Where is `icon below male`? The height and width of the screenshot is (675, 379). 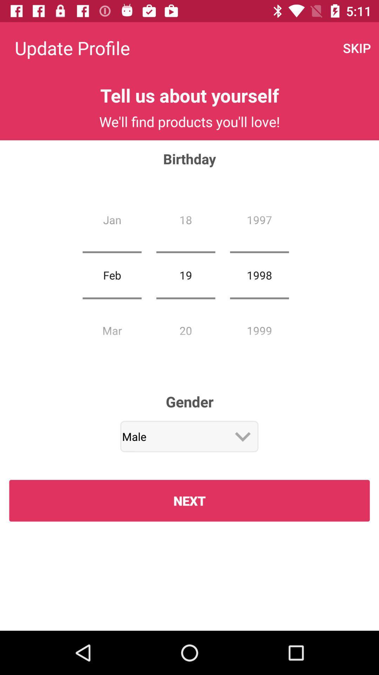
icon below male is located at coordinates (189, 500).